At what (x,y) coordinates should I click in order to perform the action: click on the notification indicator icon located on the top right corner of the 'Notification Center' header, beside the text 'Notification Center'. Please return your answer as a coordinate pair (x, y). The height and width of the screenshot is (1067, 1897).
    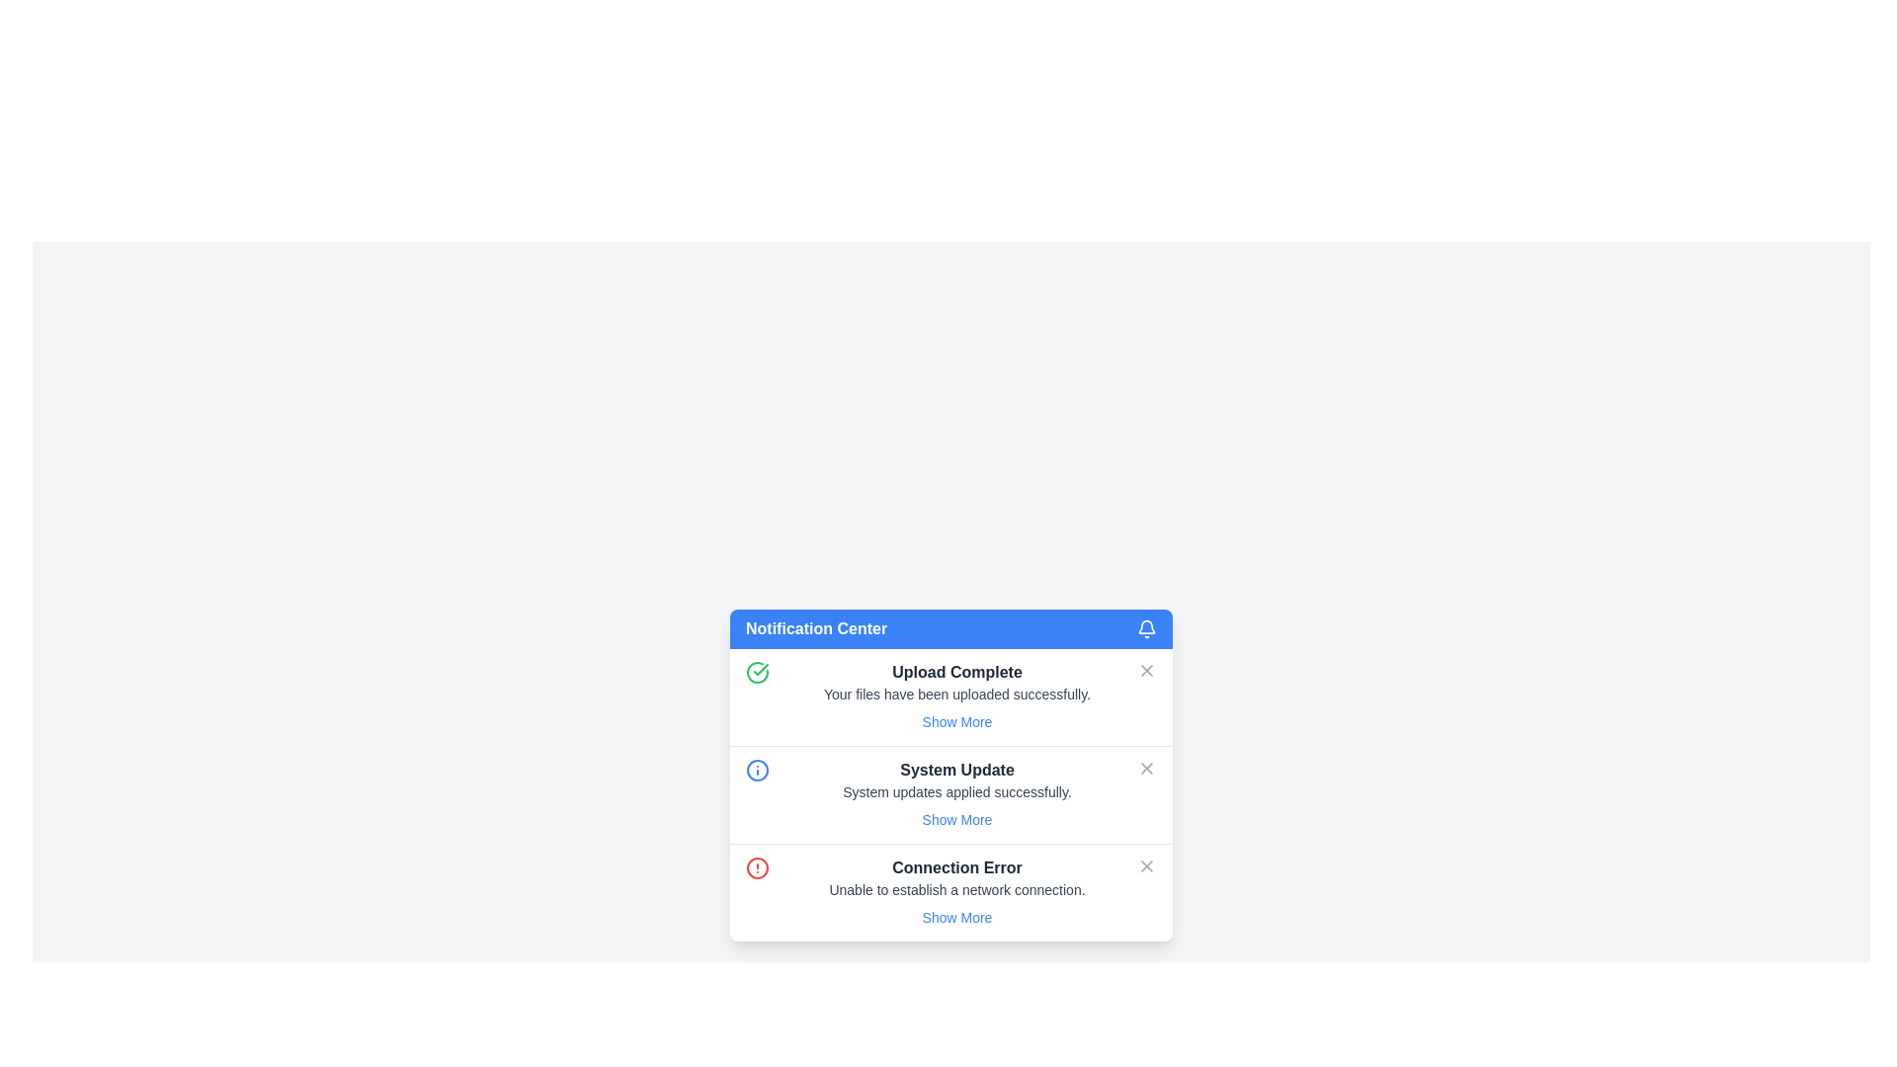
    Looking at the image, I should click on (1147, 628).